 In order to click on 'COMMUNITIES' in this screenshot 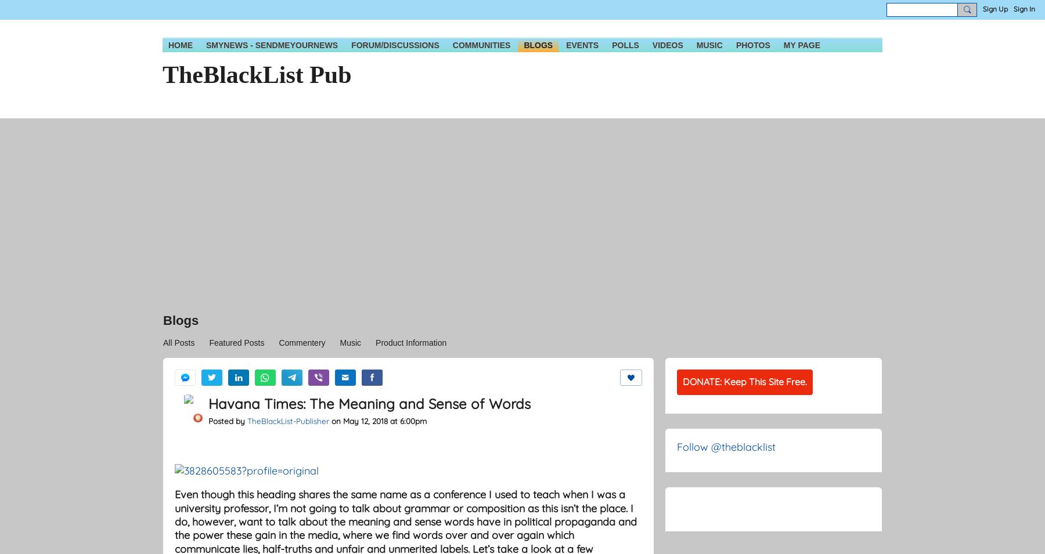, I will do `click(452, 45)`.